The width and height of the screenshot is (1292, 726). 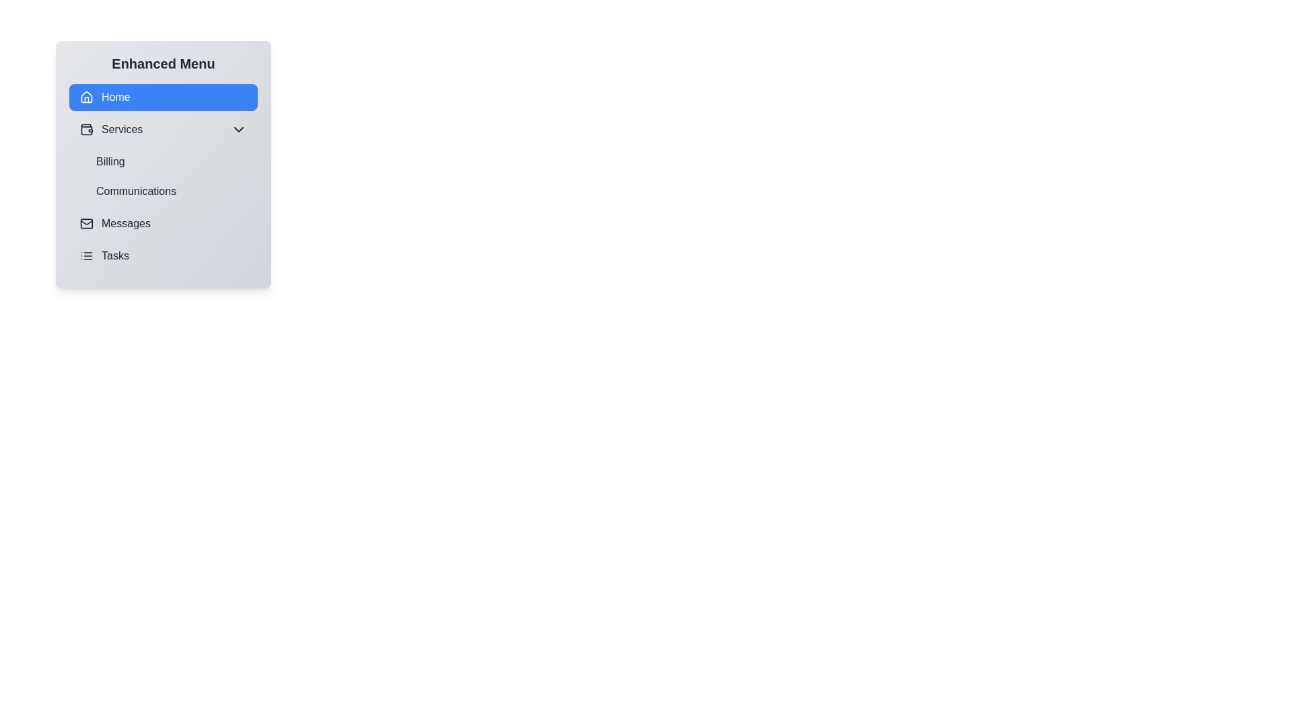 What do you see at coordinates (163, 256) in the screenshot?
I see `the 'Tasks' menu item, which is the last item in the vertical list of menu options in the sidebar` at bounding box center [163, 256].